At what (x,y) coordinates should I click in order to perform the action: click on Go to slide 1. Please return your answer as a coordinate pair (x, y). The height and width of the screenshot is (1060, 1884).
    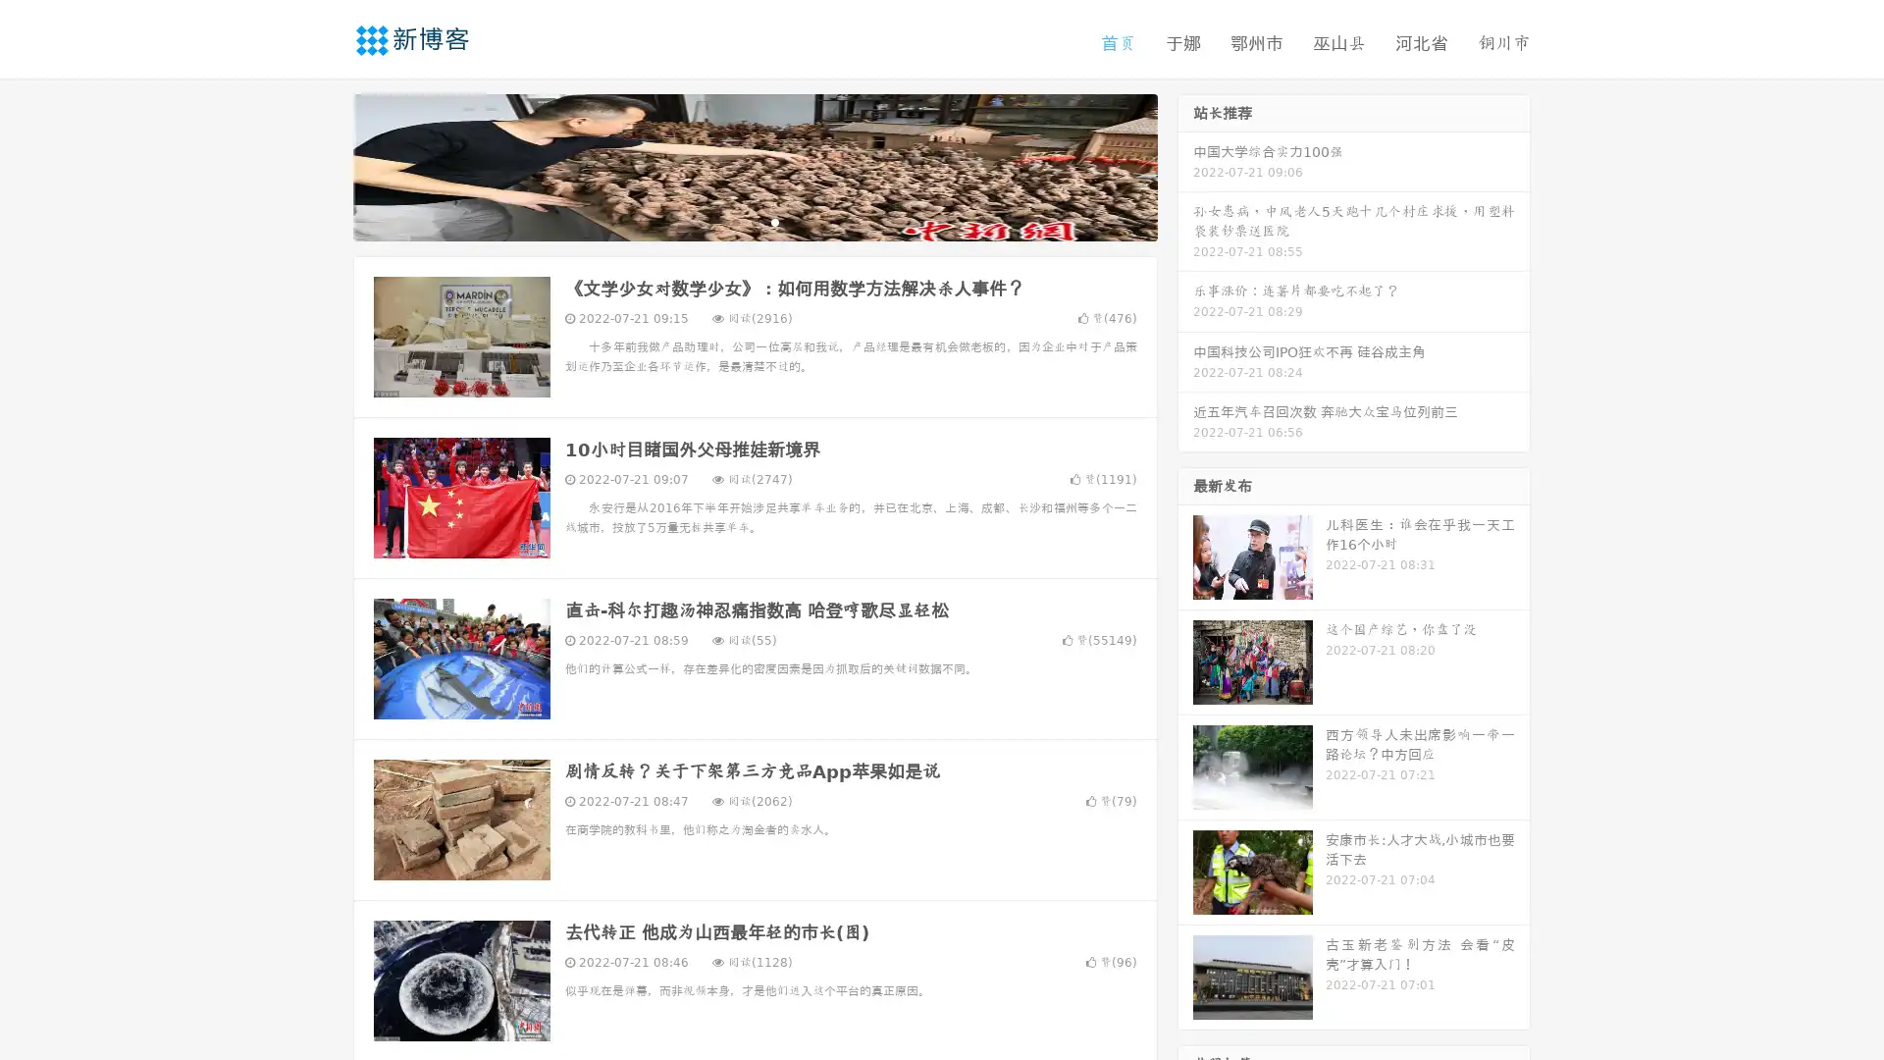
    Looking at the image, I should click on (734, 221).